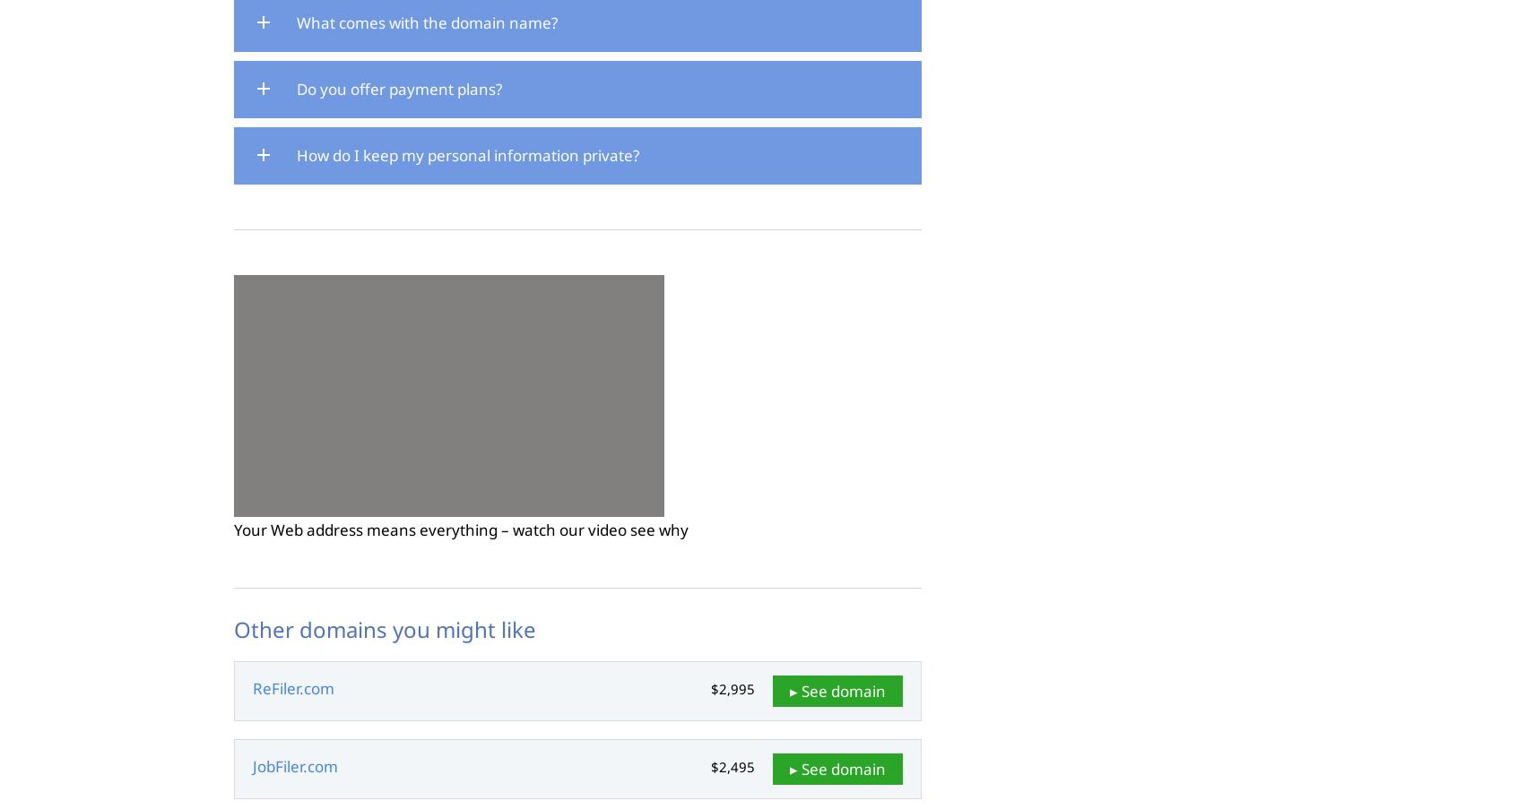 The width and height of the screenshot is (1517, 809). I want to click on 'Do you offer payment plans?', so click(398, 89).